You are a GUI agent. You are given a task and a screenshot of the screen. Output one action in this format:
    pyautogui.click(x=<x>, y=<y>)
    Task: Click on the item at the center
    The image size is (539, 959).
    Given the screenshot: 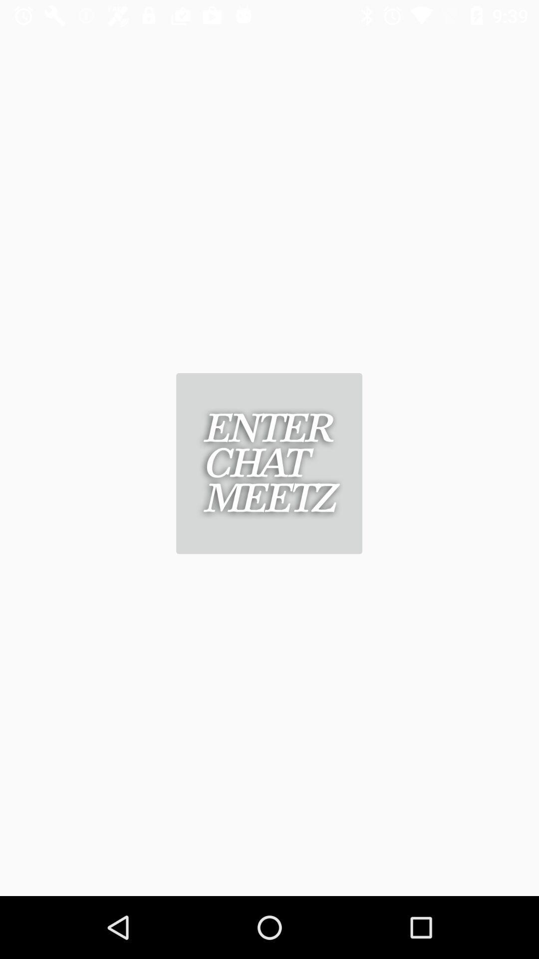 What is the action you would take?
    pyautogui.click(x=269, y=463)
    